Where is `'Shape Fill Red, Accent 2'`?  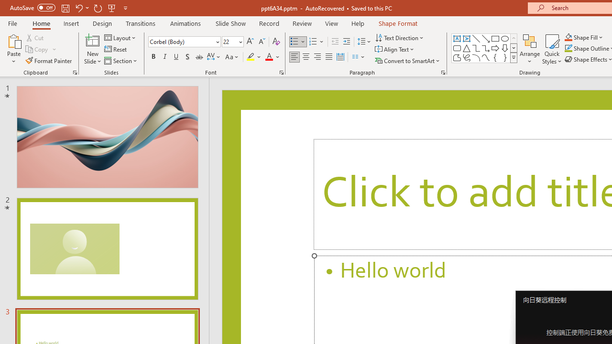 'Shape Fill Red, Accent 2' is located at coordinates (568, 37).